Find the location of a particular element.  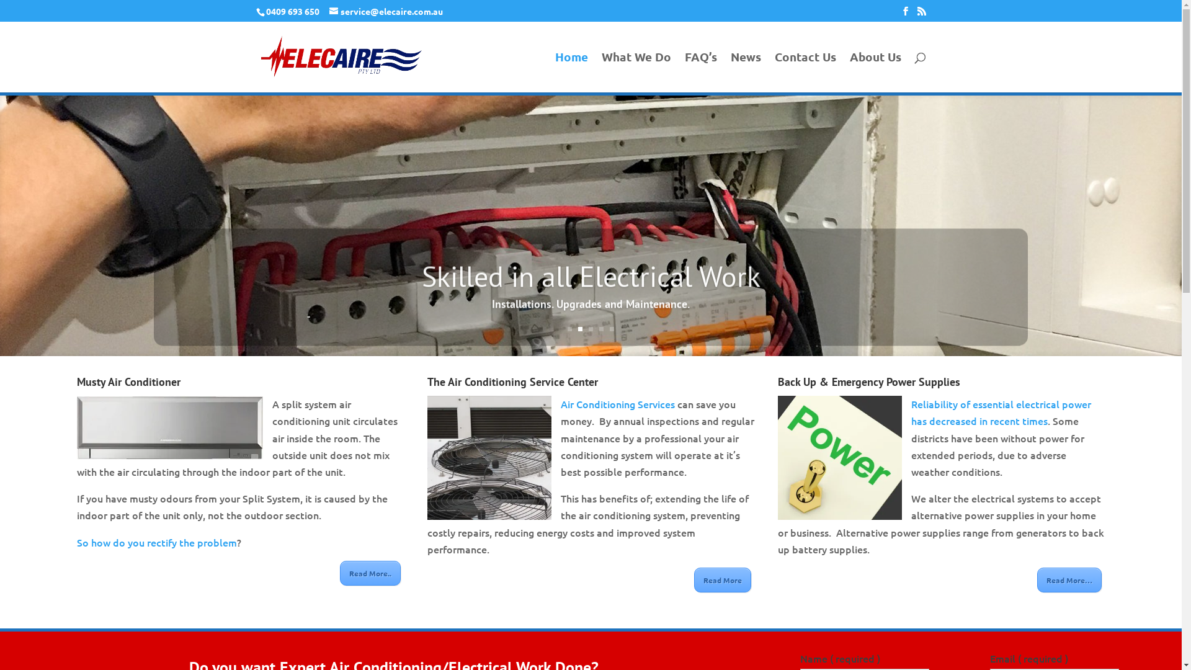

'5' is located at coordinates (610, 328).